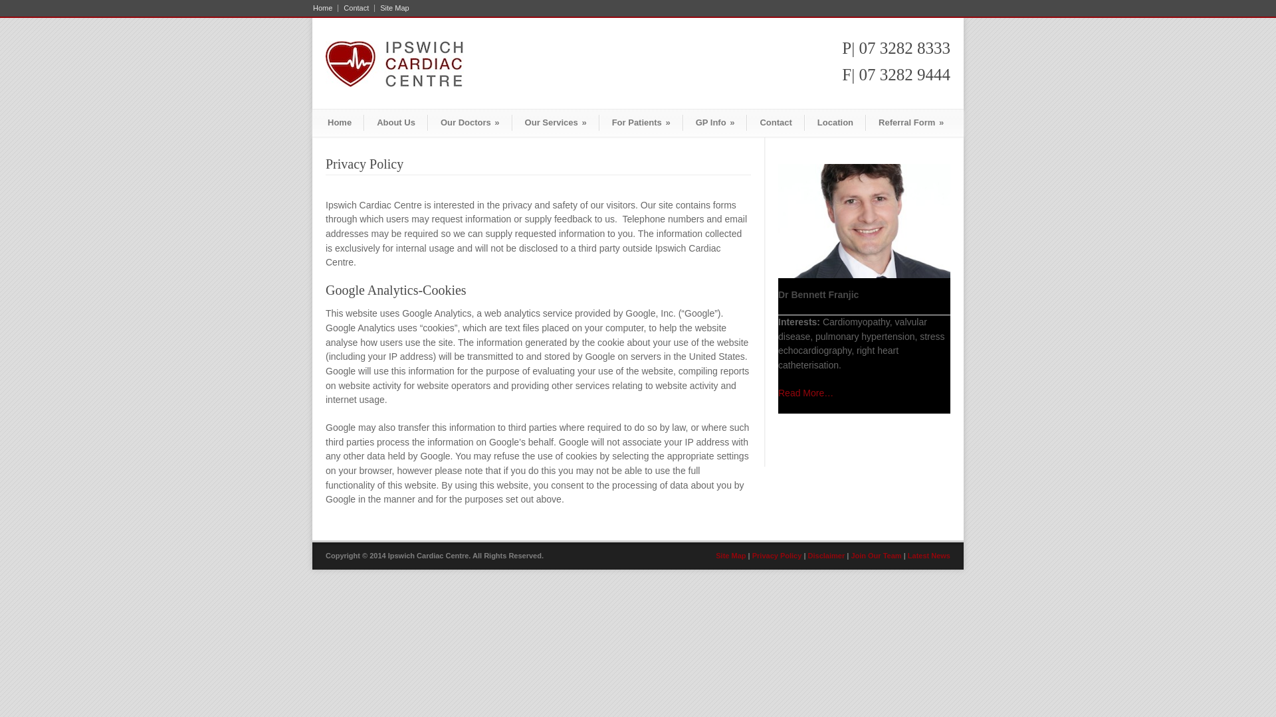 Image resolution: width=1276 pixels, height=717 pixels. I want to click on 'Home', so click(325, 8).